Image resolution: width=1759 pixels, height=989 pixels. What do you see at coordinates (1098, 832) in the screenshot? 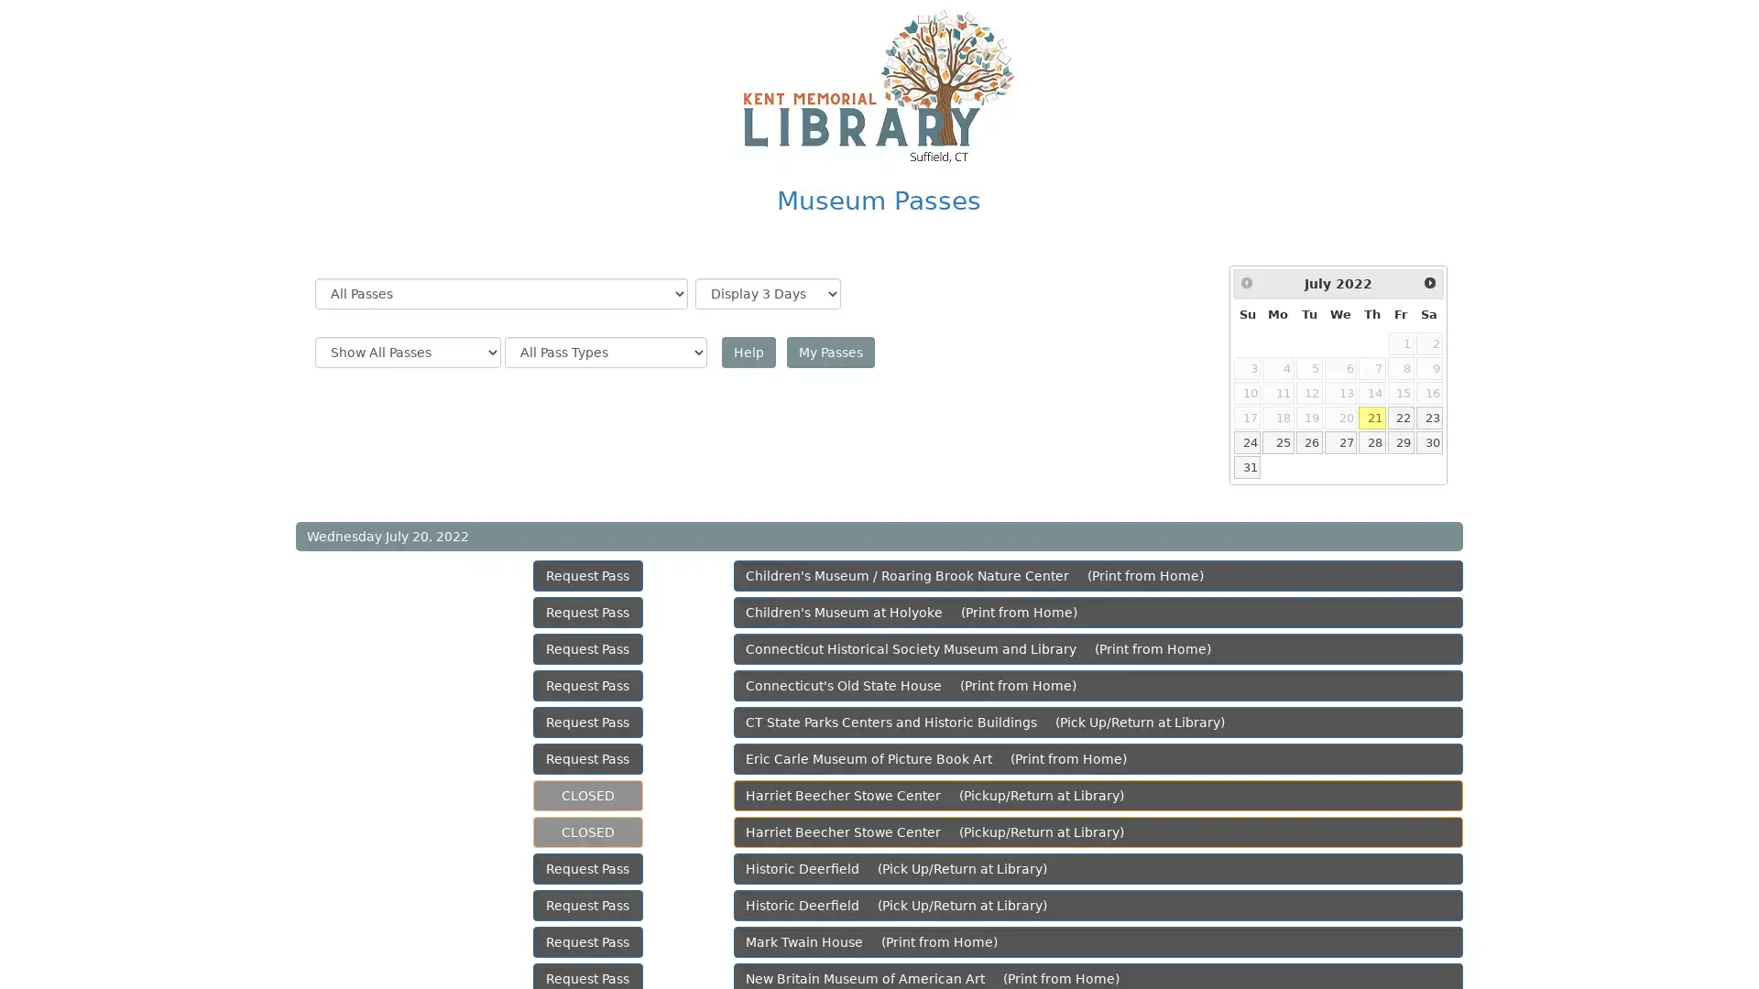
I see `Harriet Beecher Stowe Center     (Pickup/Return at Library)` at bounding box center [1098, 832].